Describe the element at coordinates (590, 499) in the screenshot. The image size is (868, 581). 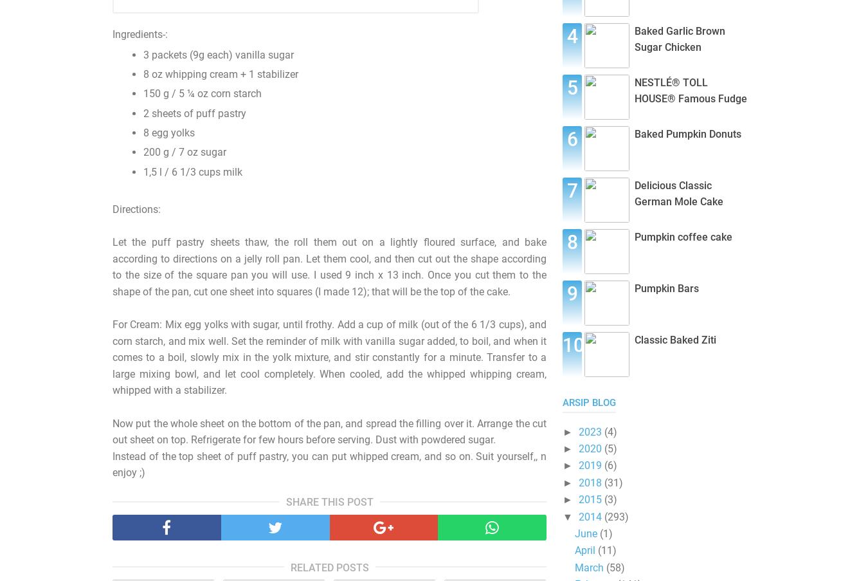
I see `'2015'` at that location.